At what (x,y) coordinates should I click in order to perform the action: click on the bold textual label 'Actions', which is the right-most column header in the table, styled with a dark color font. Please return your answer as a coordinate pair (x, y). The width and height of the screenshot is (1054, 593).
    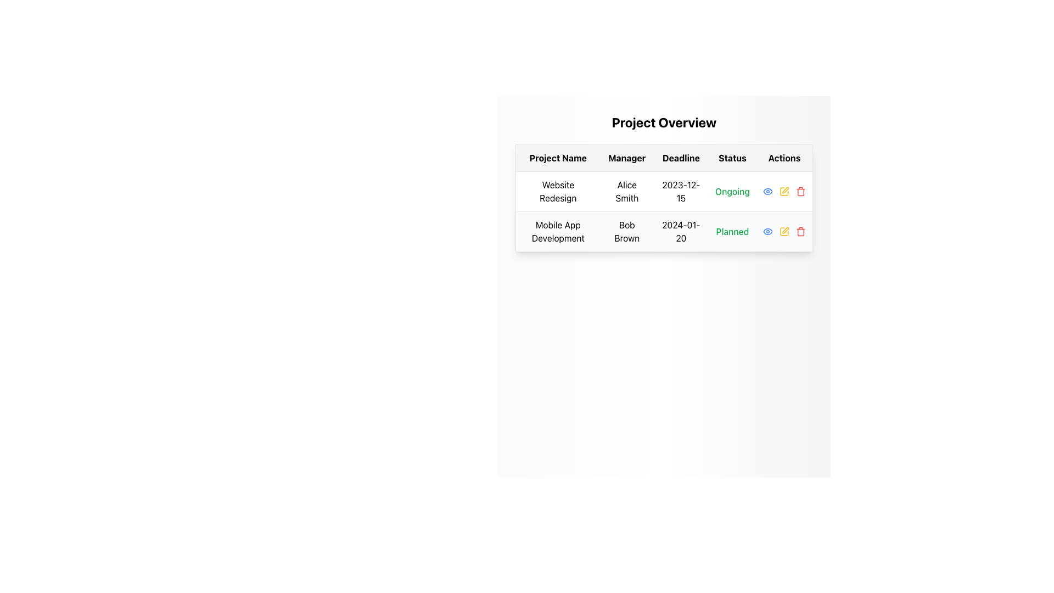
    Looking at the image, I should click on (784, 158).